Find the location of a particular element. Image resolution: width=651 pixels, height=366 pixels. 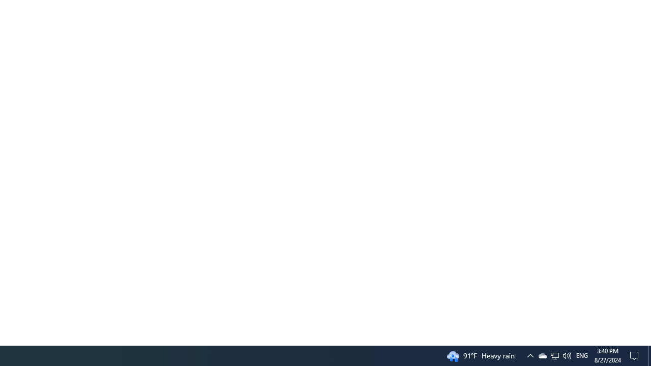

'Q2790: 100%' is located at coordinates (566, 355).